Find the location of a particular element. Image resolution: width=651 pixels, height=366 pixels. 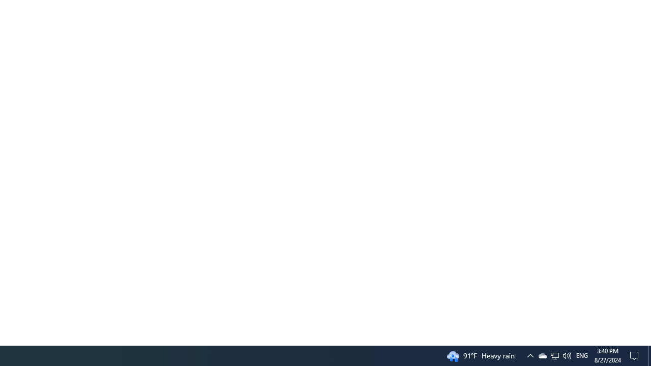

'Q2790: 100%' is located at coordinates (566, 355).